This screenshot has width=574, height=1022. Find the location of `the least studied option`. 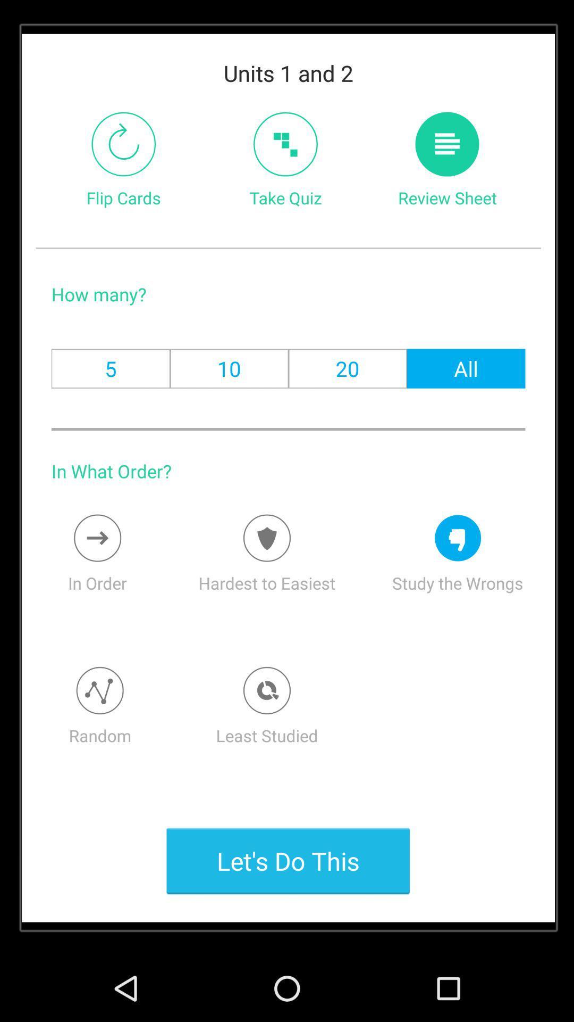

the least studied option is located at coordinates (266, 690).